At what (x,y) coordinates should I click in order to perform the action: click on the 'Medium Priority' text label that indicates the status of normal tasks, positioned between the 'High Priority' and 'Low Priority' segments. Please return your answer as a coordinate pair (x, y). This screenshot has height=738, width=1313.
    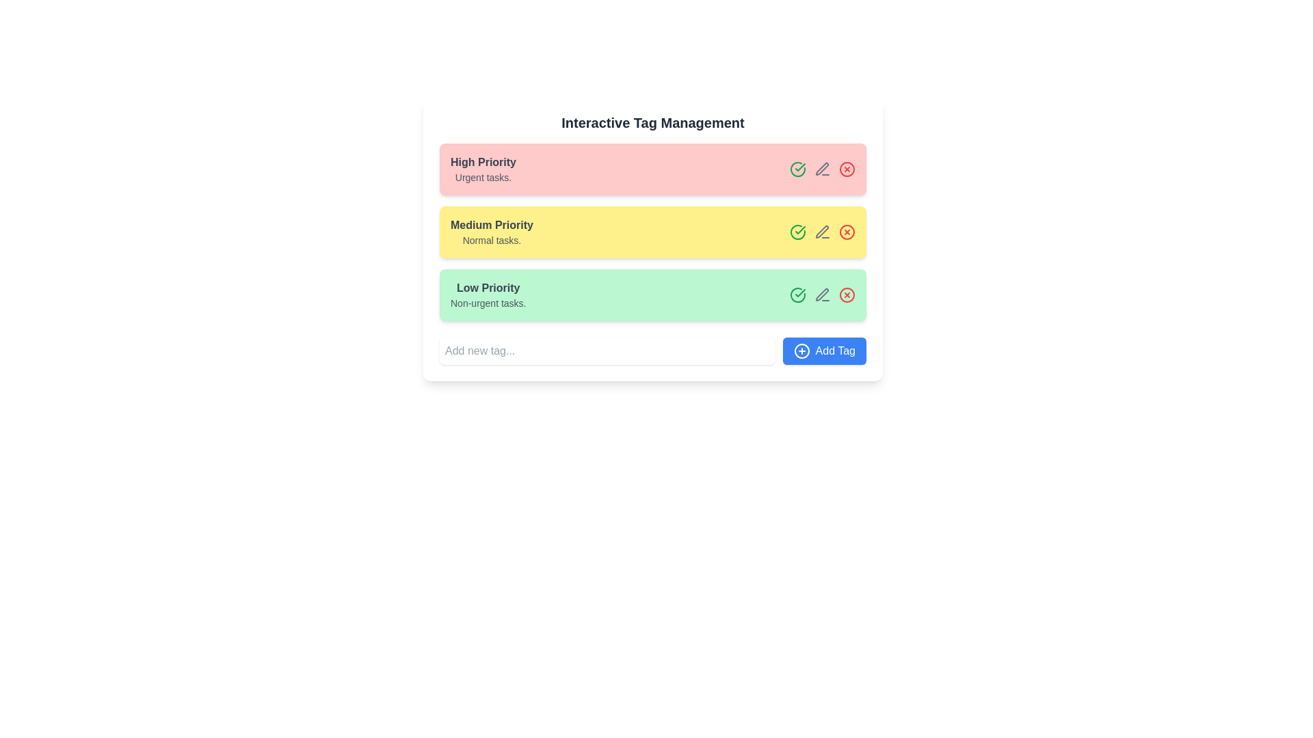
    Looking at the image, I should click on (492, 231).